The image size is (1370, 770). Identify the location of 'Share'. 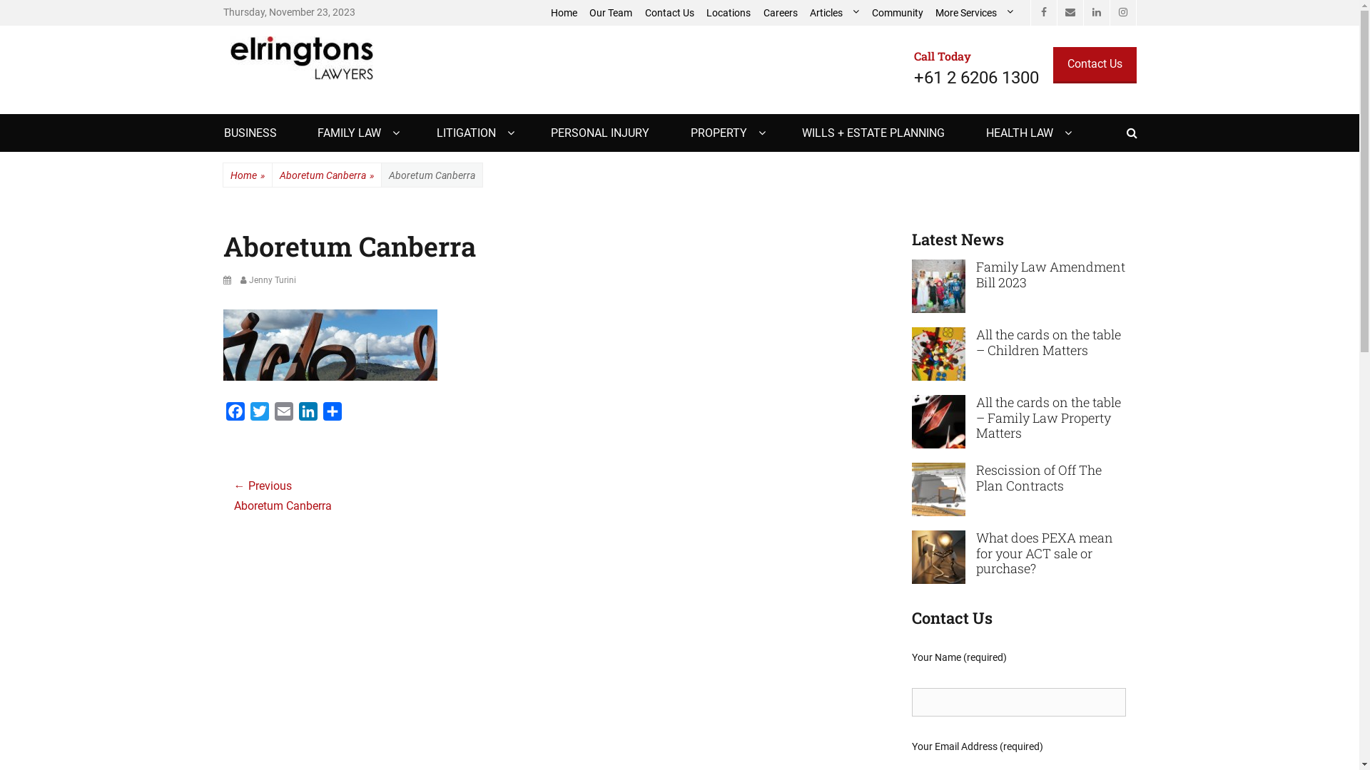
(331, 414).